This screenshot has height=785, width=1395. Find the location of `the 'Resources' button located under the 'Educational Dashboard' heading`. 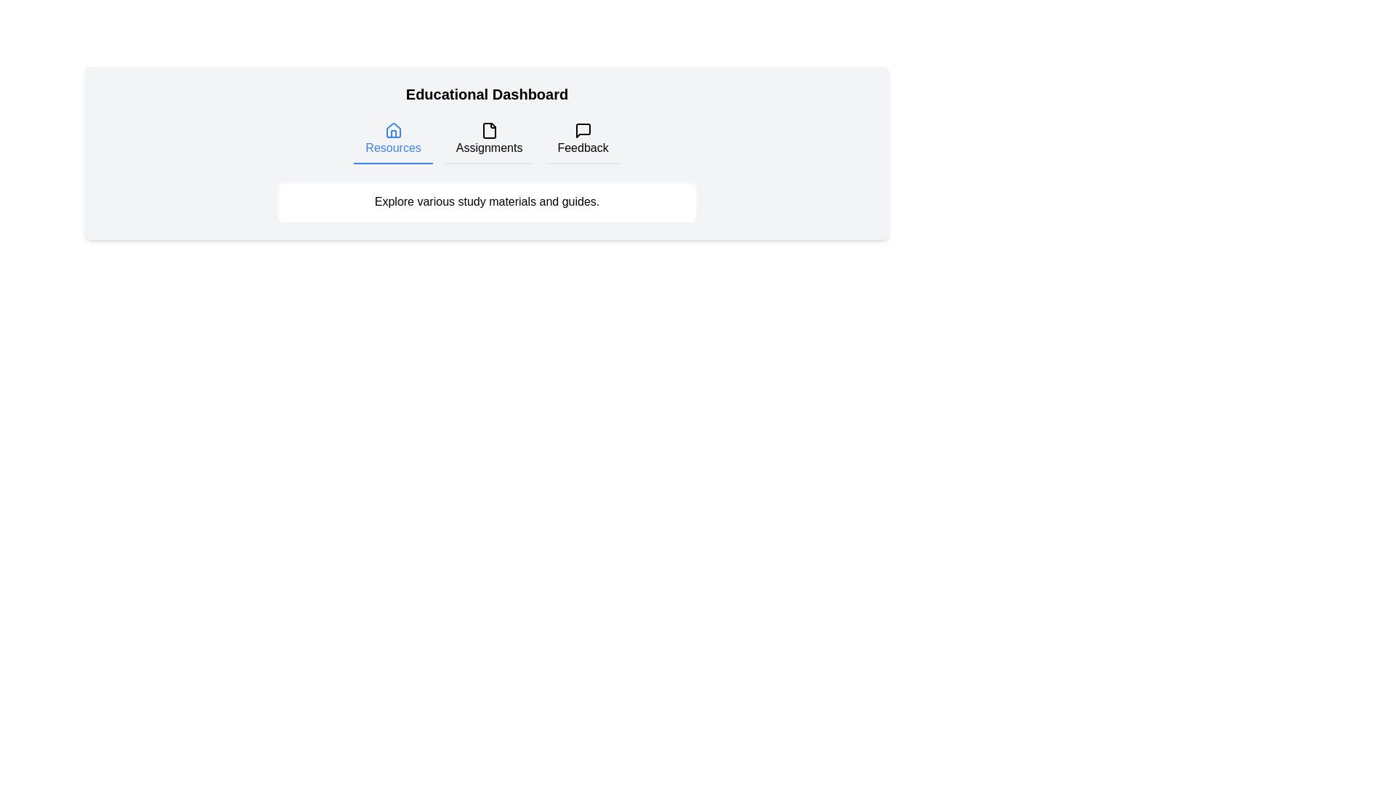

the 'Resources' button located under the 'Educational Dashboard' heading is located at coordinates (393, 140).